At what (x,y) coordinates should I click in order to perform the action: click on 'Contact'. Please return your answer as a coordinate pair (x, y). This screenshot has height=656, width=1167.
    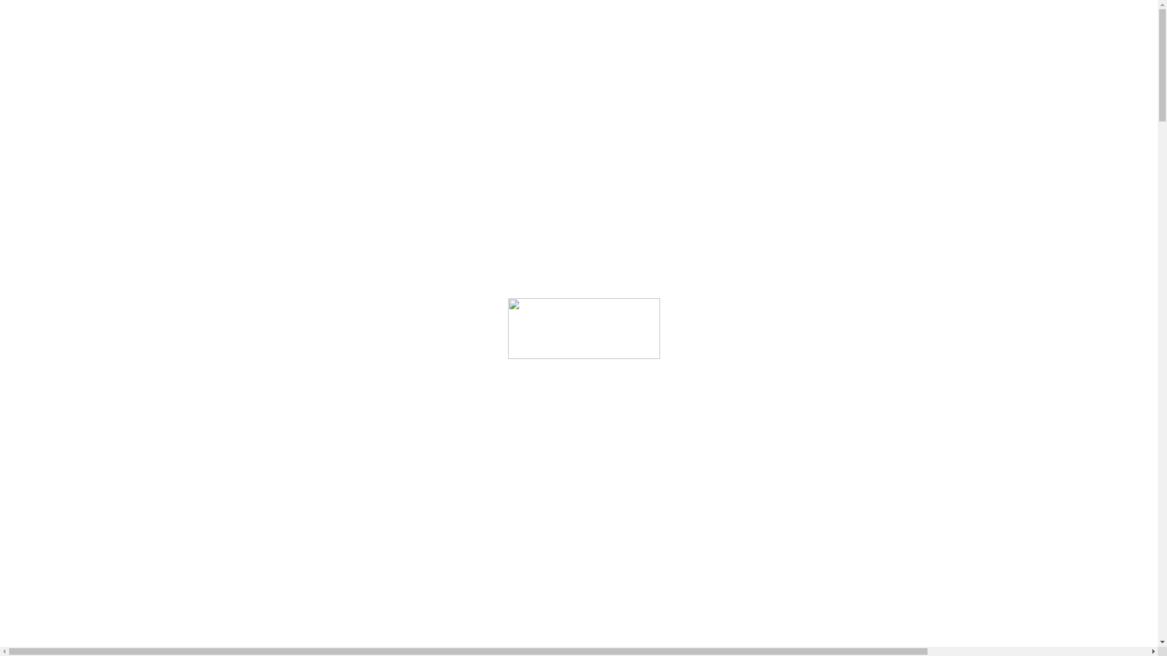
    Looking at the image, I should click on (44, 193).